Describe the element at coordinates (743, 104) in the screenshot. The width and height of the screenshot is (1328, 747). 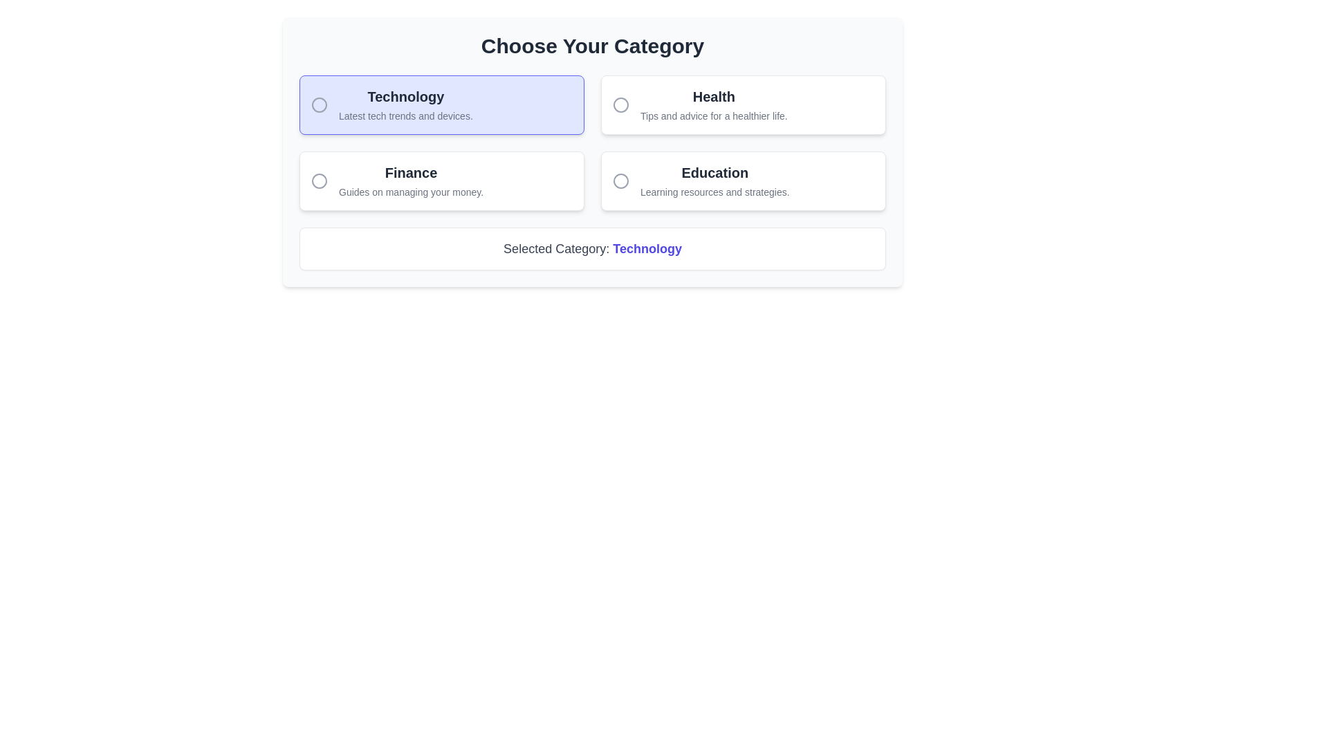
I see `the 'Health' category selection card using keyboard navigation` at that location.